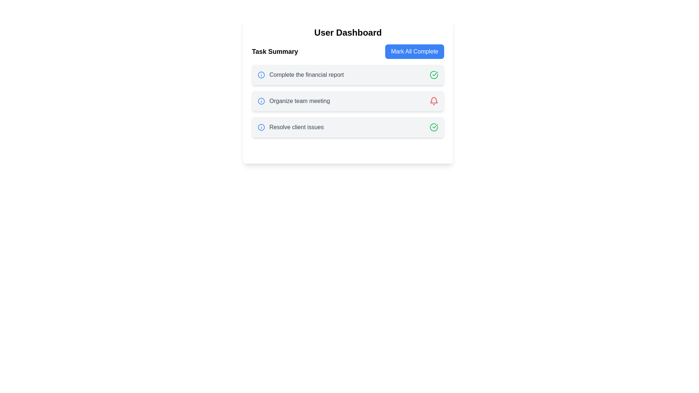 The width and height of the screenshot is (699, 393). I want to click on the static text header at the top of the dashboard section, which provides contextual information about the page's purpose and contents, so click(347, 32).